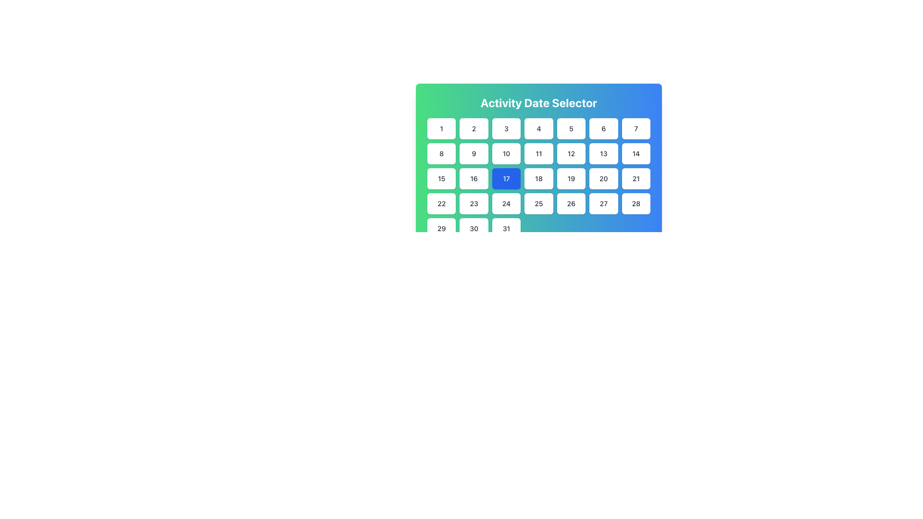 This screenshot has height=519, width=923. Describe the element at coordinates (506, 178) in the screenshot. I see `the blue calendar cell button displaying the number '17'` at that location.